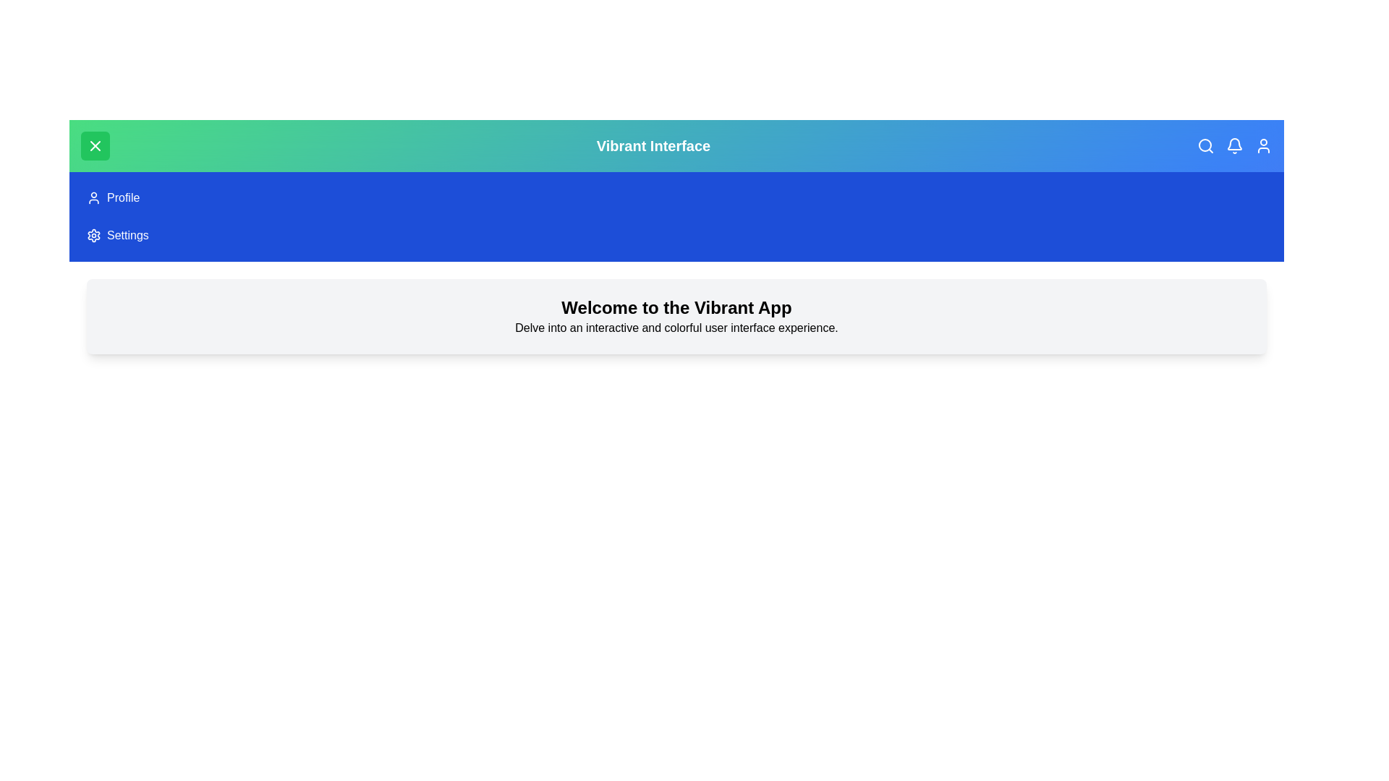 The height and width of the screenshot is (781, 1389). Describe the element at coordinates (93, 235) in the screenshot. I see `the 'Settings' menu item to navigate to the Settings section` at that location.